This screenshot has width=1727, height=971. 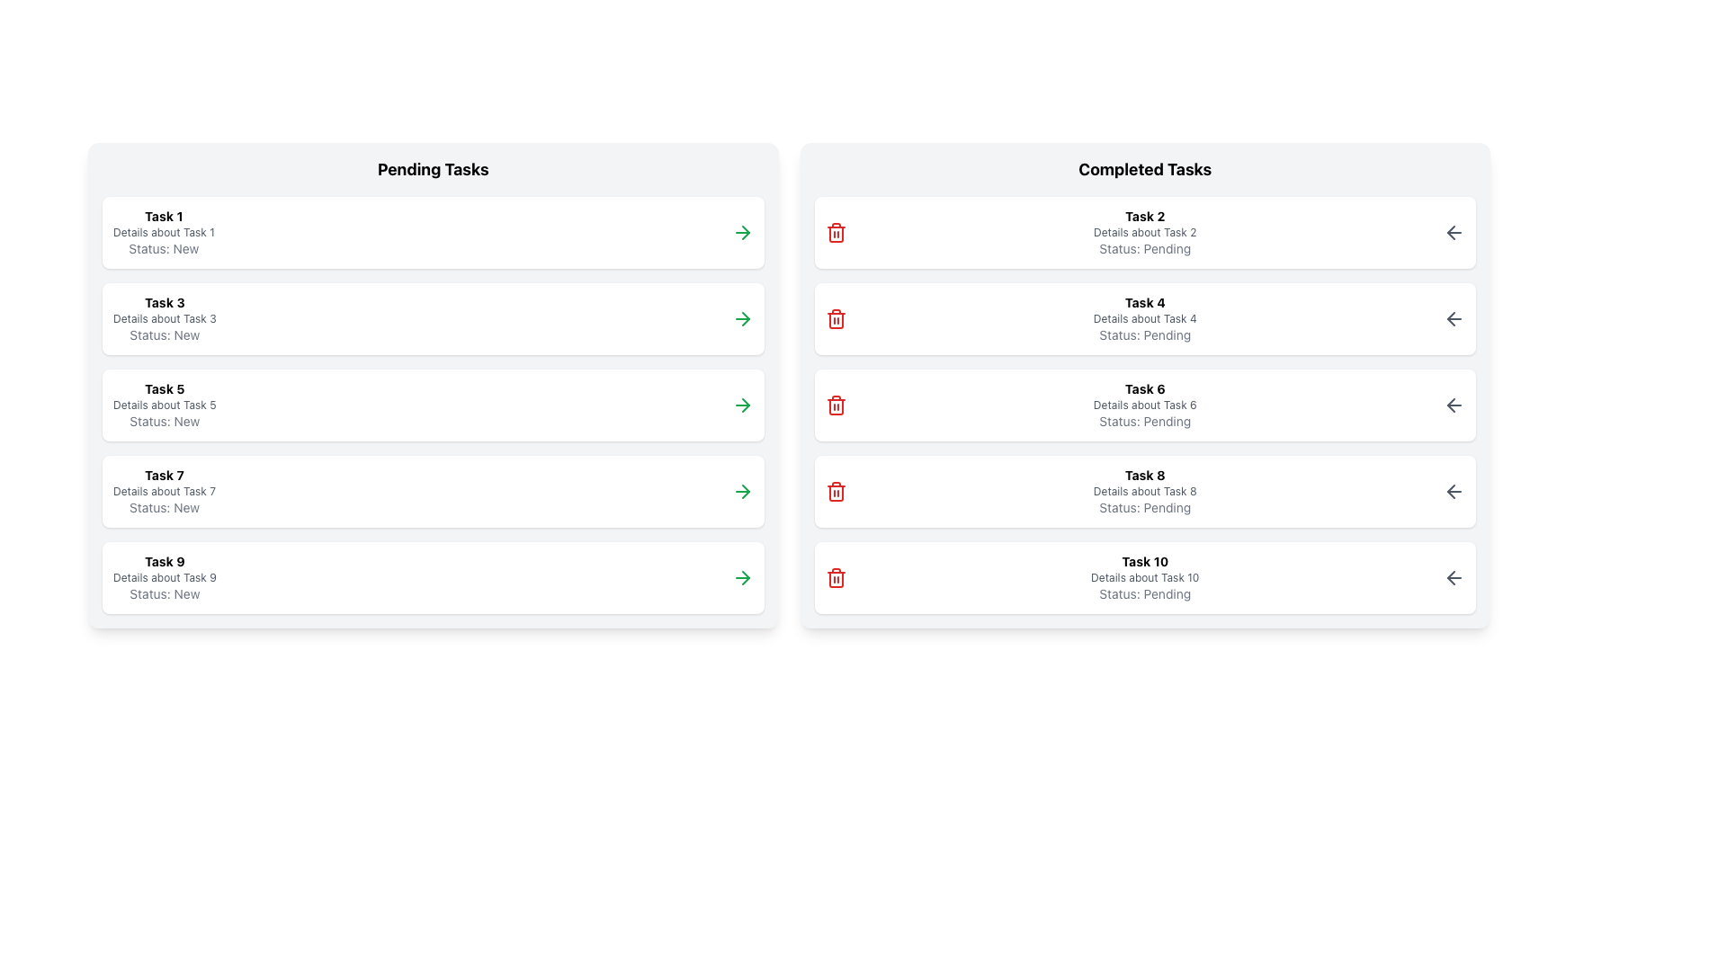 I want to click on the triangular tip of the leftward arrow icon located, so click(x=1451, y=492).